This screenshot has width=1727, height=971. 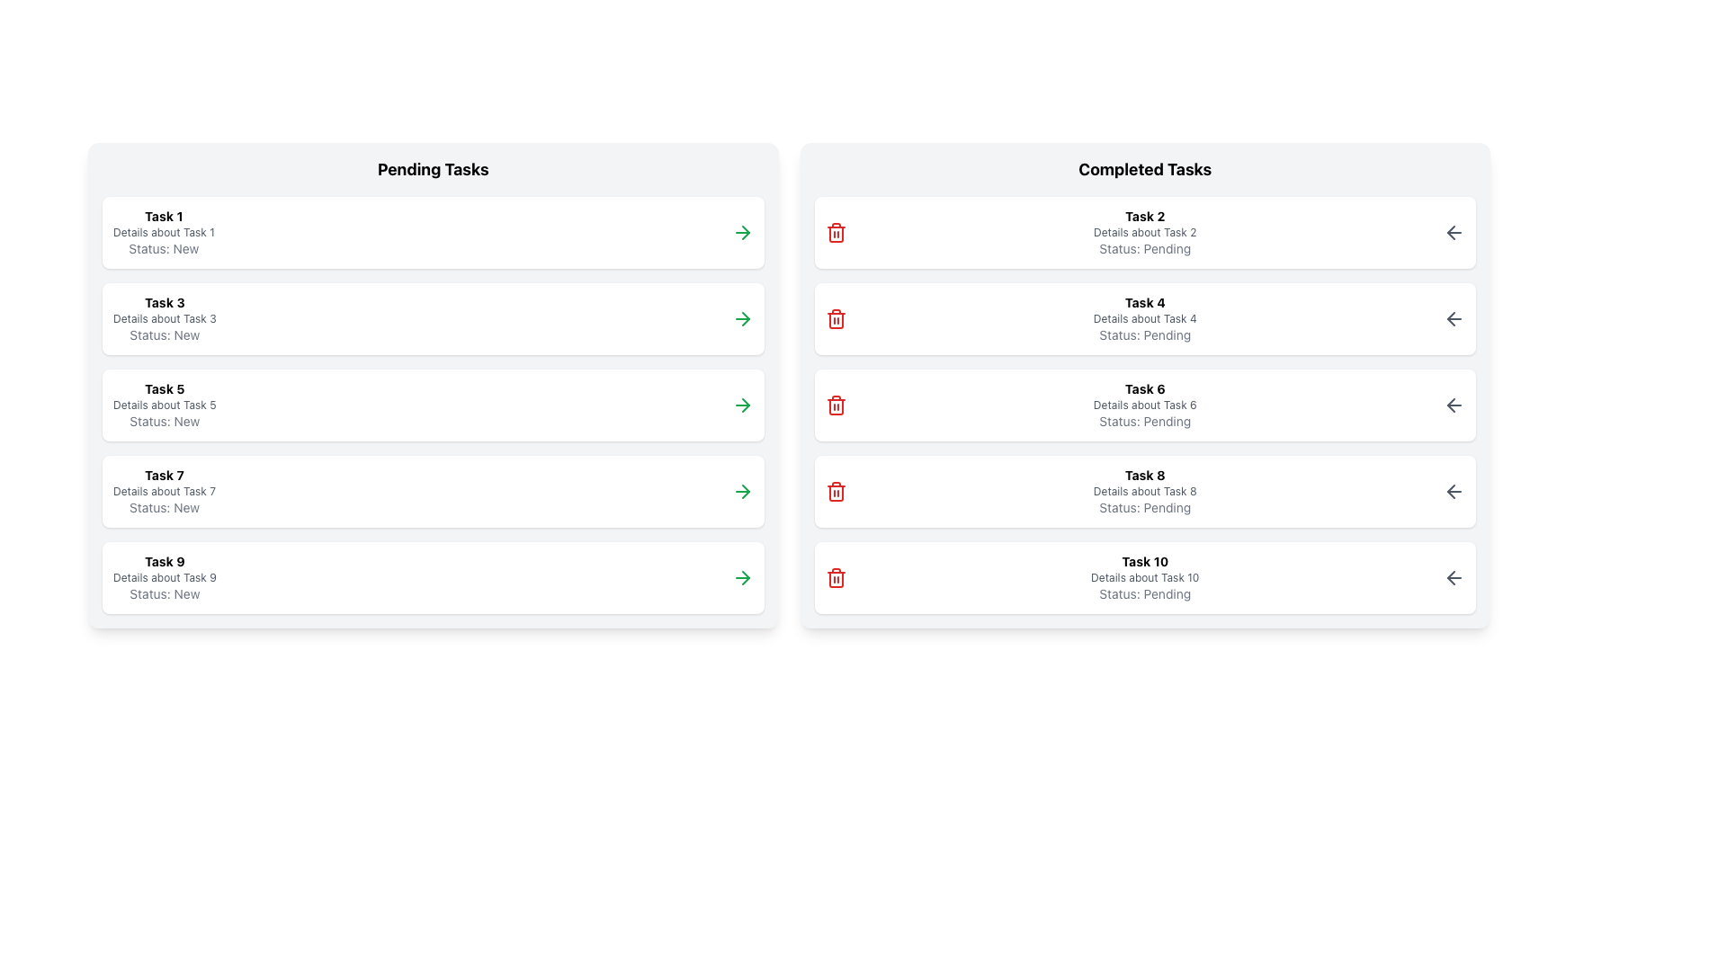 I want to click on the triangular tip of the leftward arrow icon located, so click(x=1451, y=492).